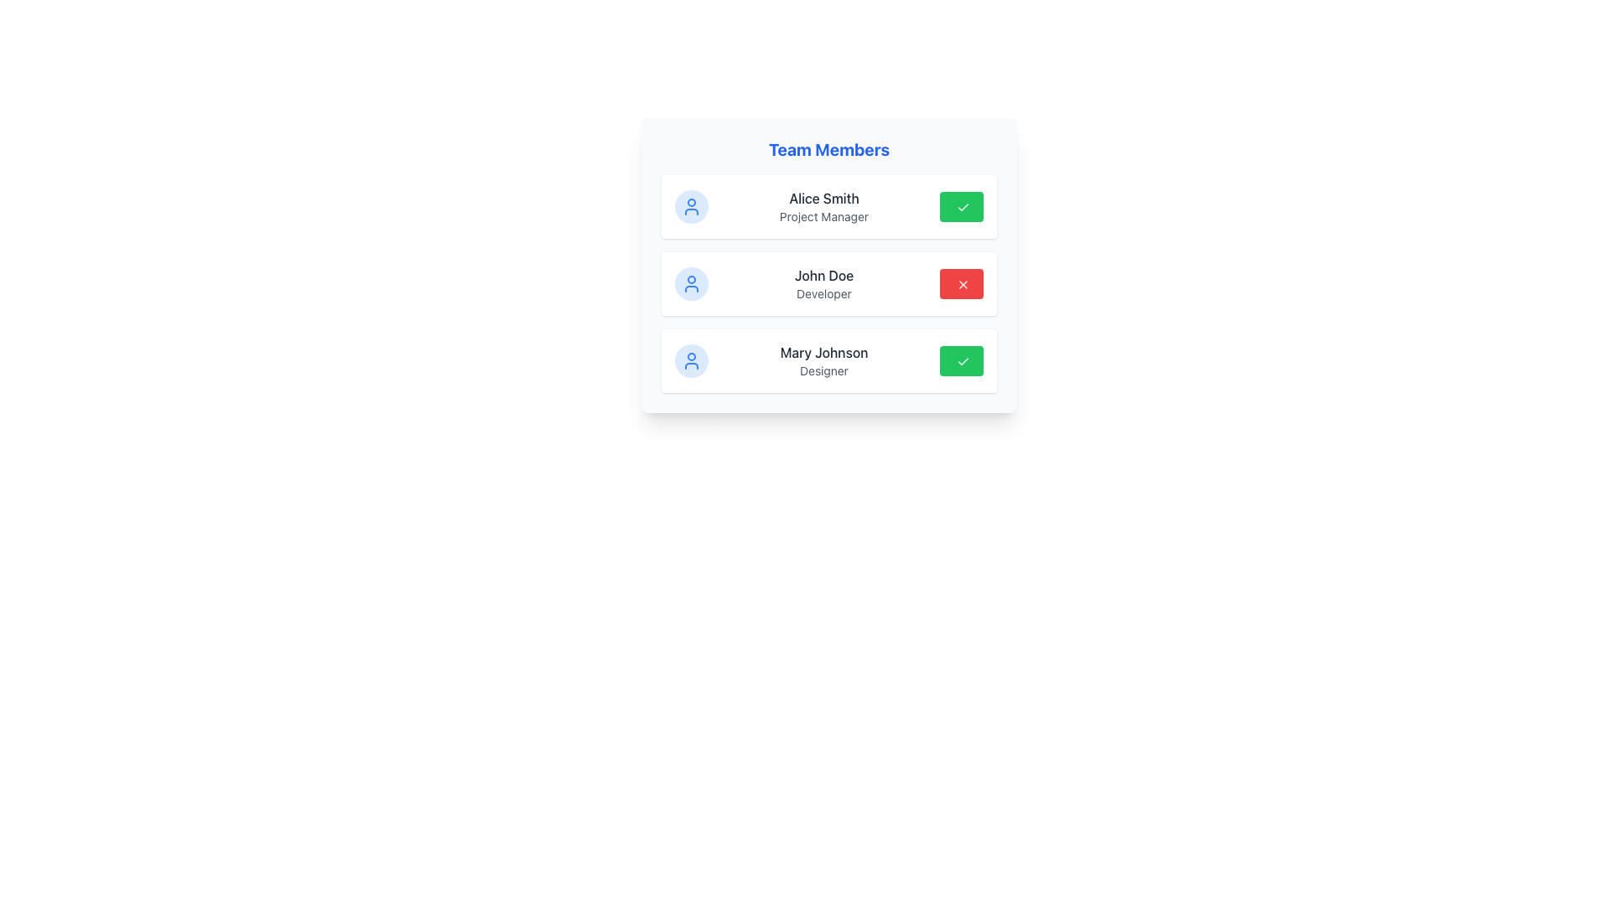 The image size is (1610, 905). I want to click on the Illustrative Icon representing Alice Smith, located at the top-left corner of her card labeled 'Alice Smith - Project Manager.', so click(692, 205).